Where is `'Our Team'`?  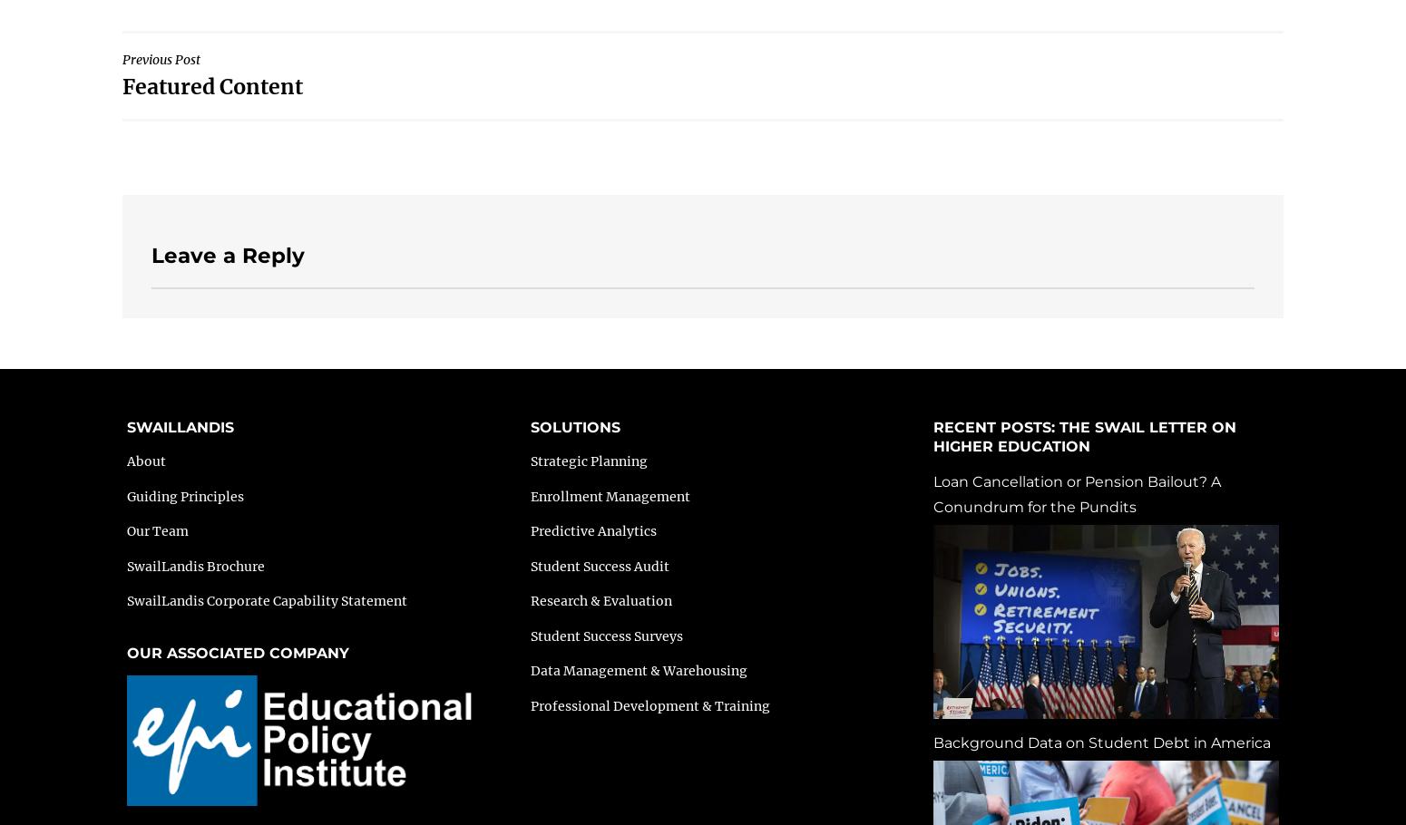 'Our Team' is located at coordinates (157, 530).